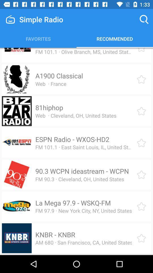 Image resolution: width=153 pixels, height=273 pixels. What do you see at coordinates (71, 48) in the screenshot?
I see `icon below favorites` at bounding box center [71, 48].